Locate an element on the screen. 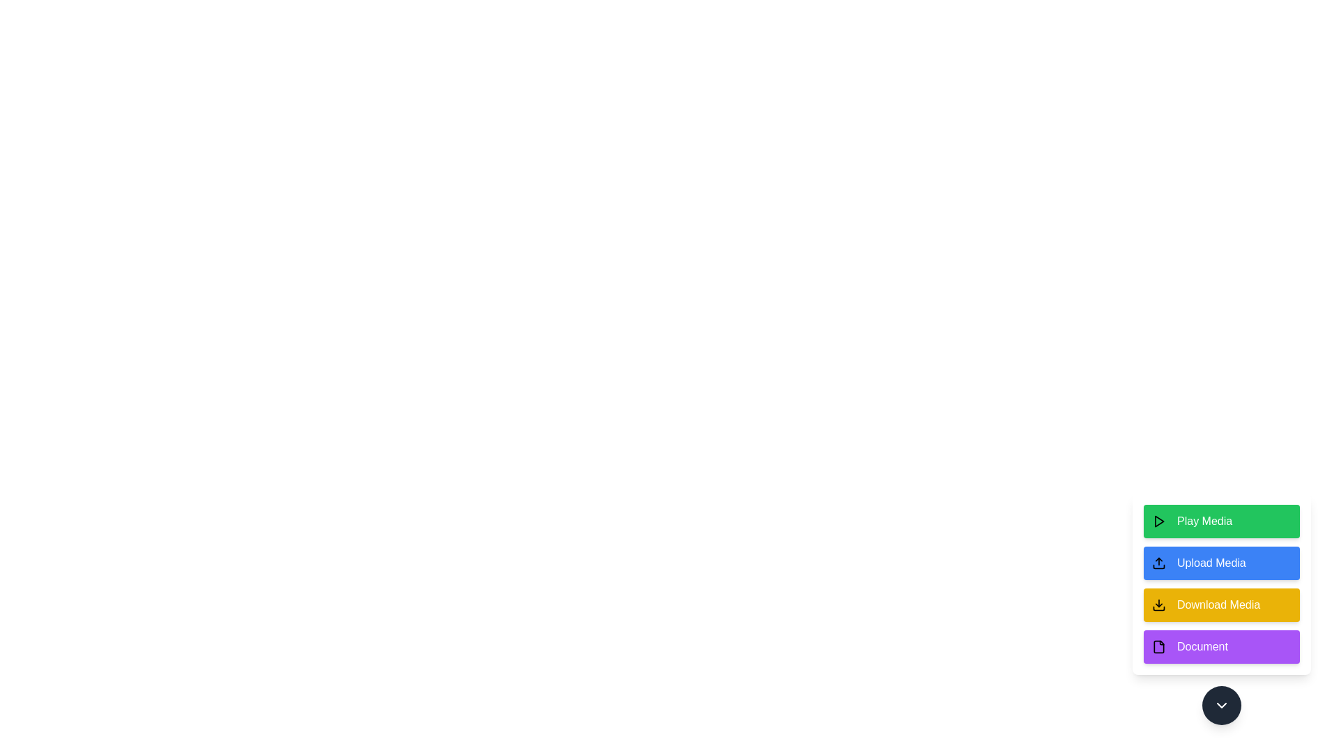 The width and height of the screenshot is (1339, 753). 'Download Media' button to initiate the download action is located at coordinates (1221, 604).